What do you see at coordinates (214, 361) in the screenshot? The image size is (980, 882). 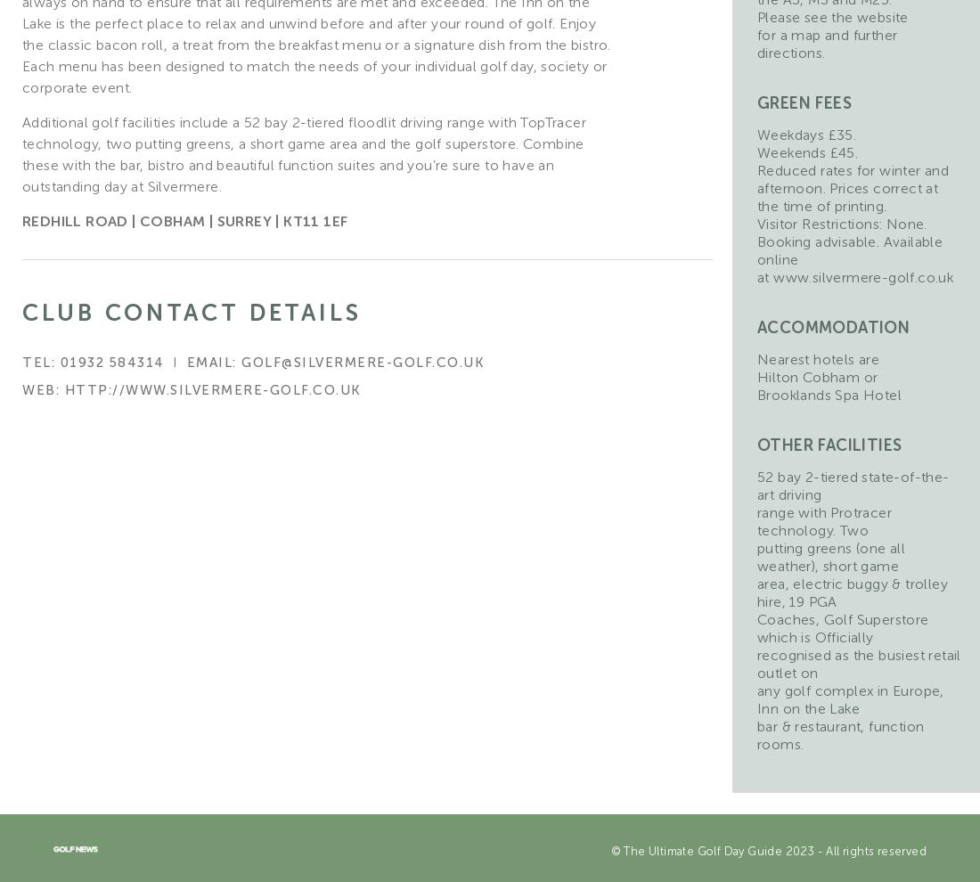 I see `'Email:'` at bounding box center [214, 361].